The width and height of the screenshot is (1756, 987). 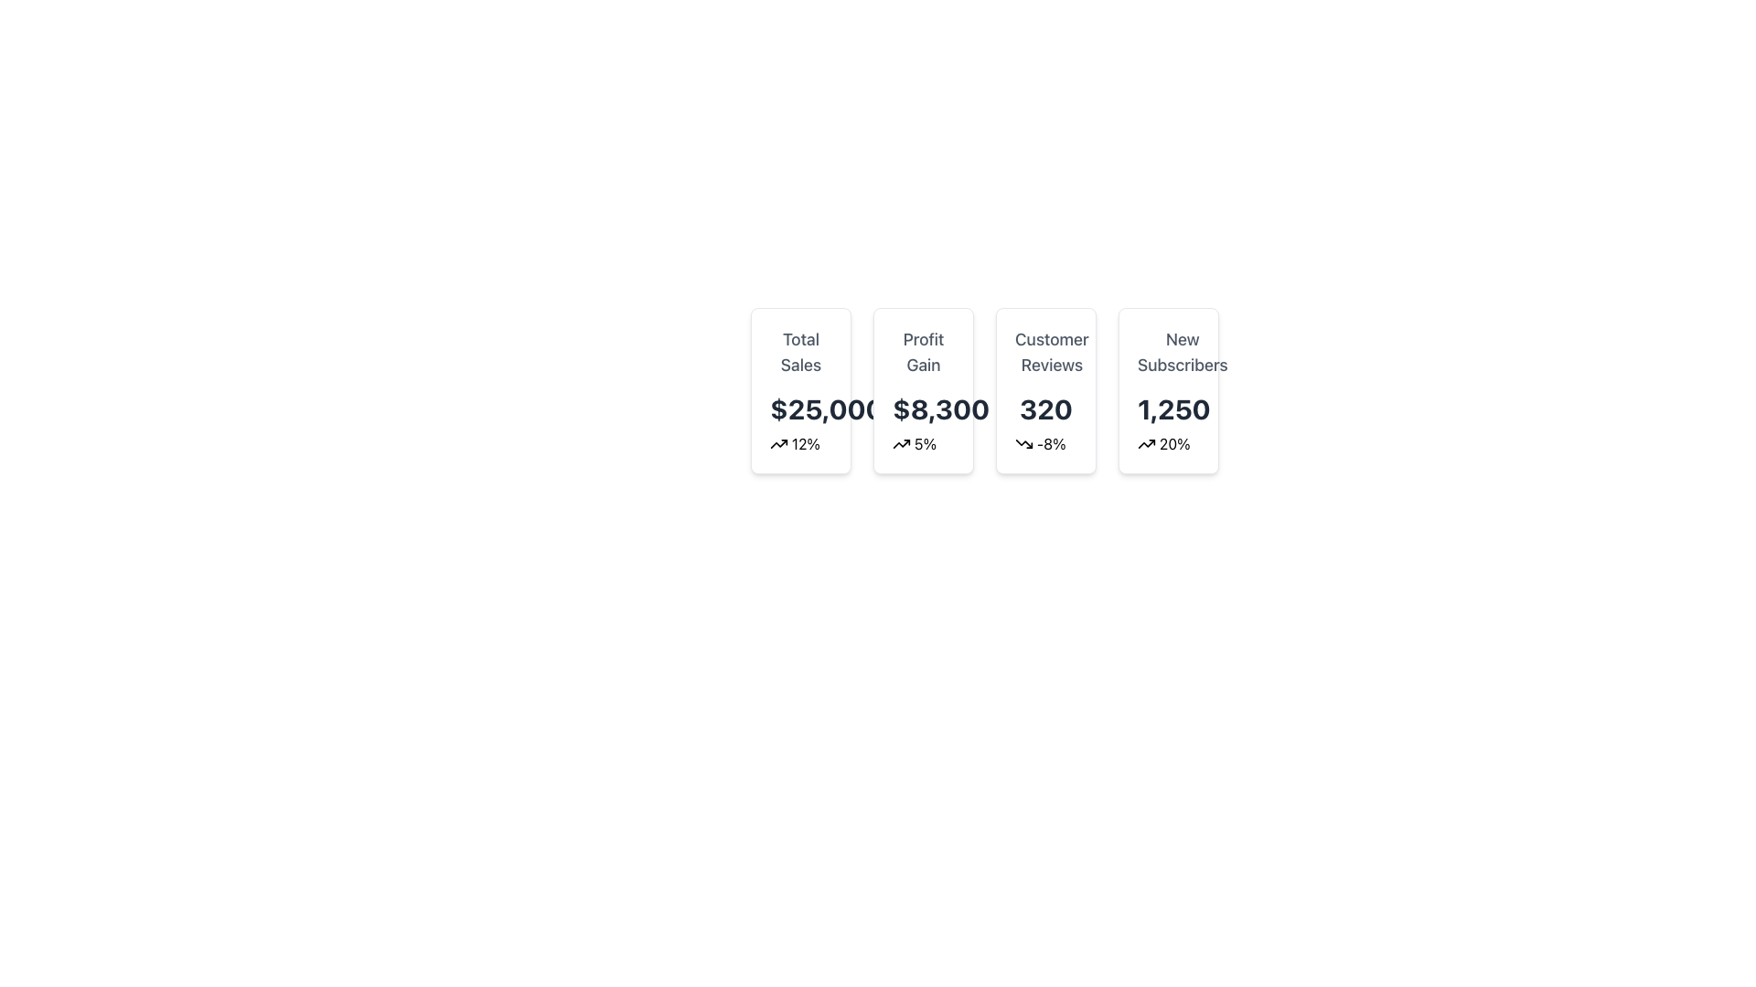 I want to click on the text component displaying '5%' in green color, located within the 'Profit Gain' card and adjacent to the trending icon, so click(x=926, y=444).